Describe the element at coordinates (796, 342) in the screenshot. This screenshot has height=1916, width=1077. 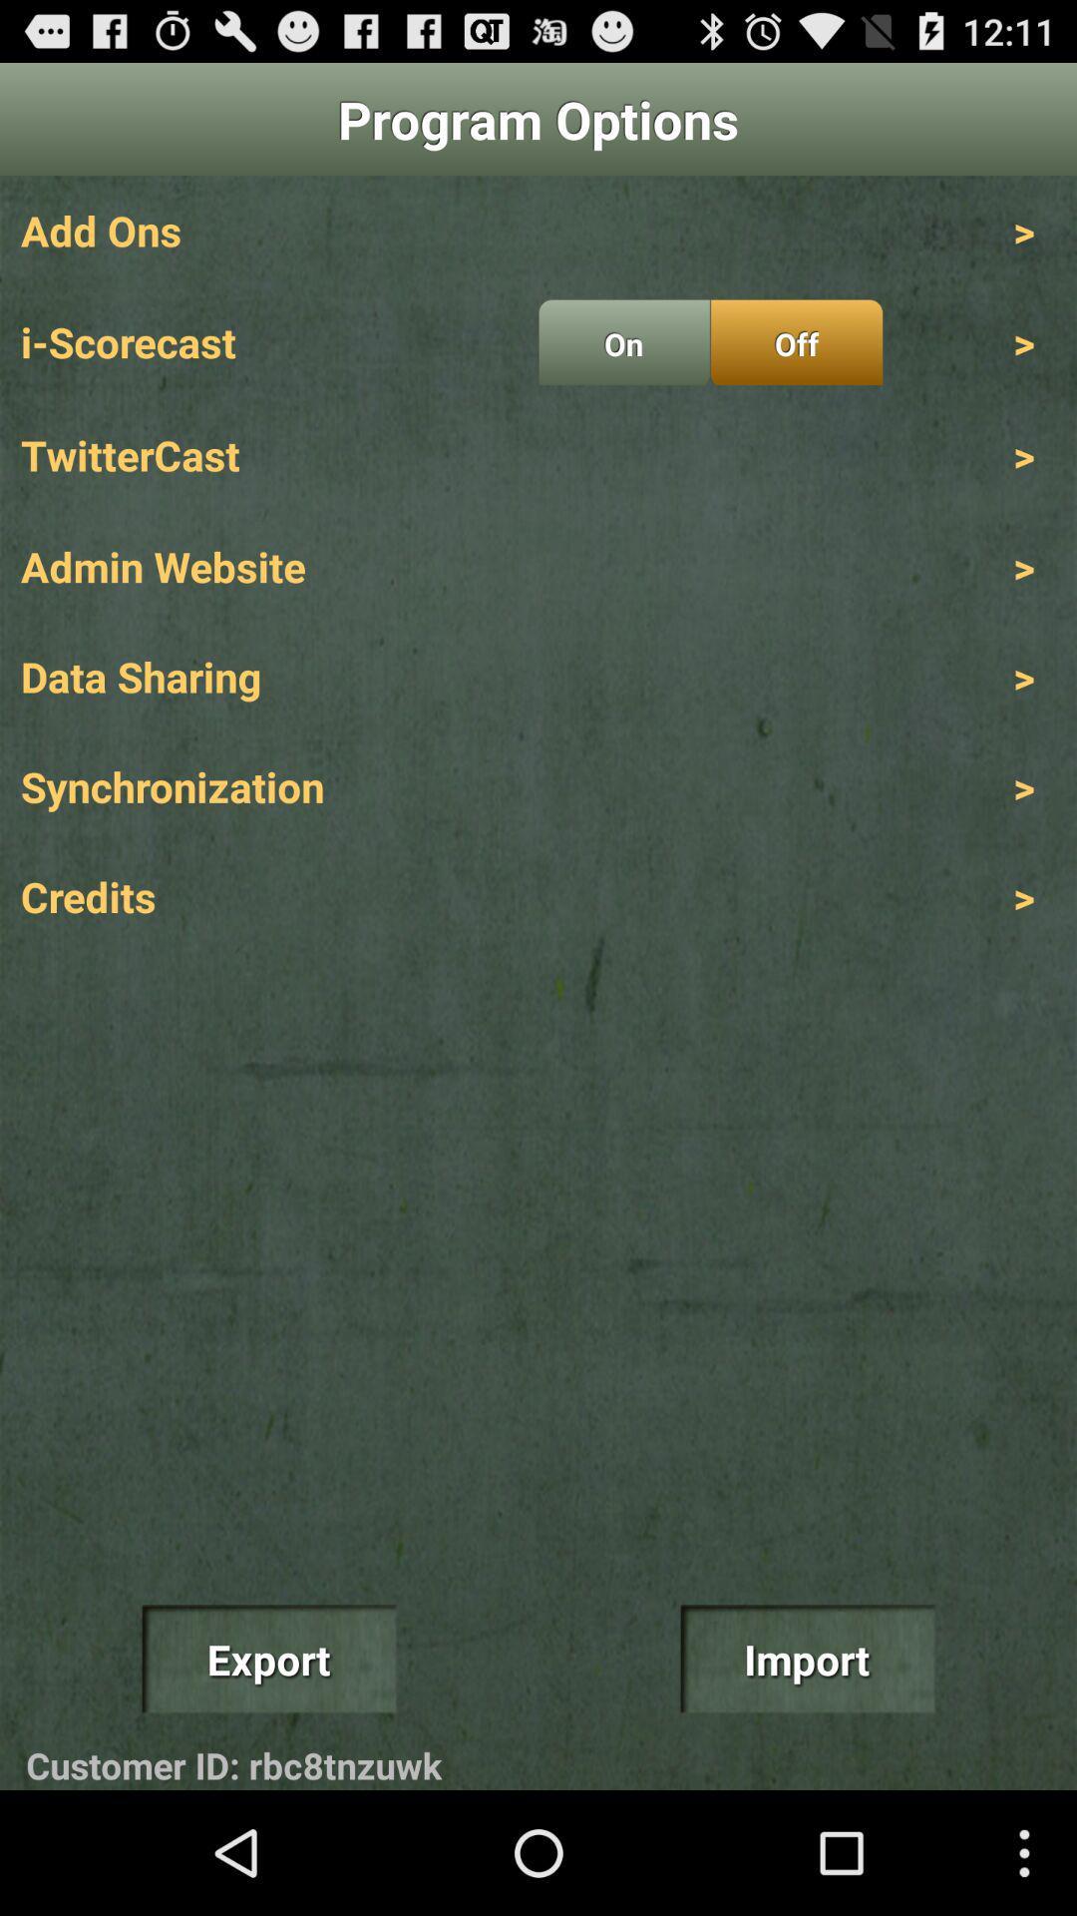
I see `the off` at that location.